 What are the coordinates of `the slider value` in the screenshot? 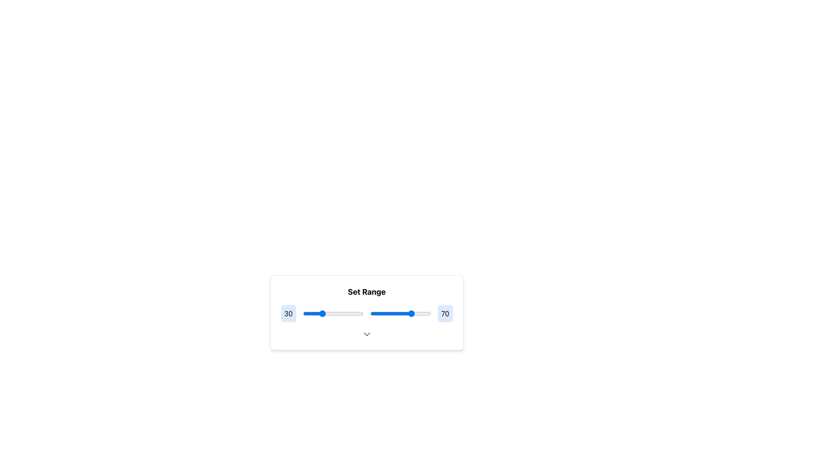 It's located at (362, 313).